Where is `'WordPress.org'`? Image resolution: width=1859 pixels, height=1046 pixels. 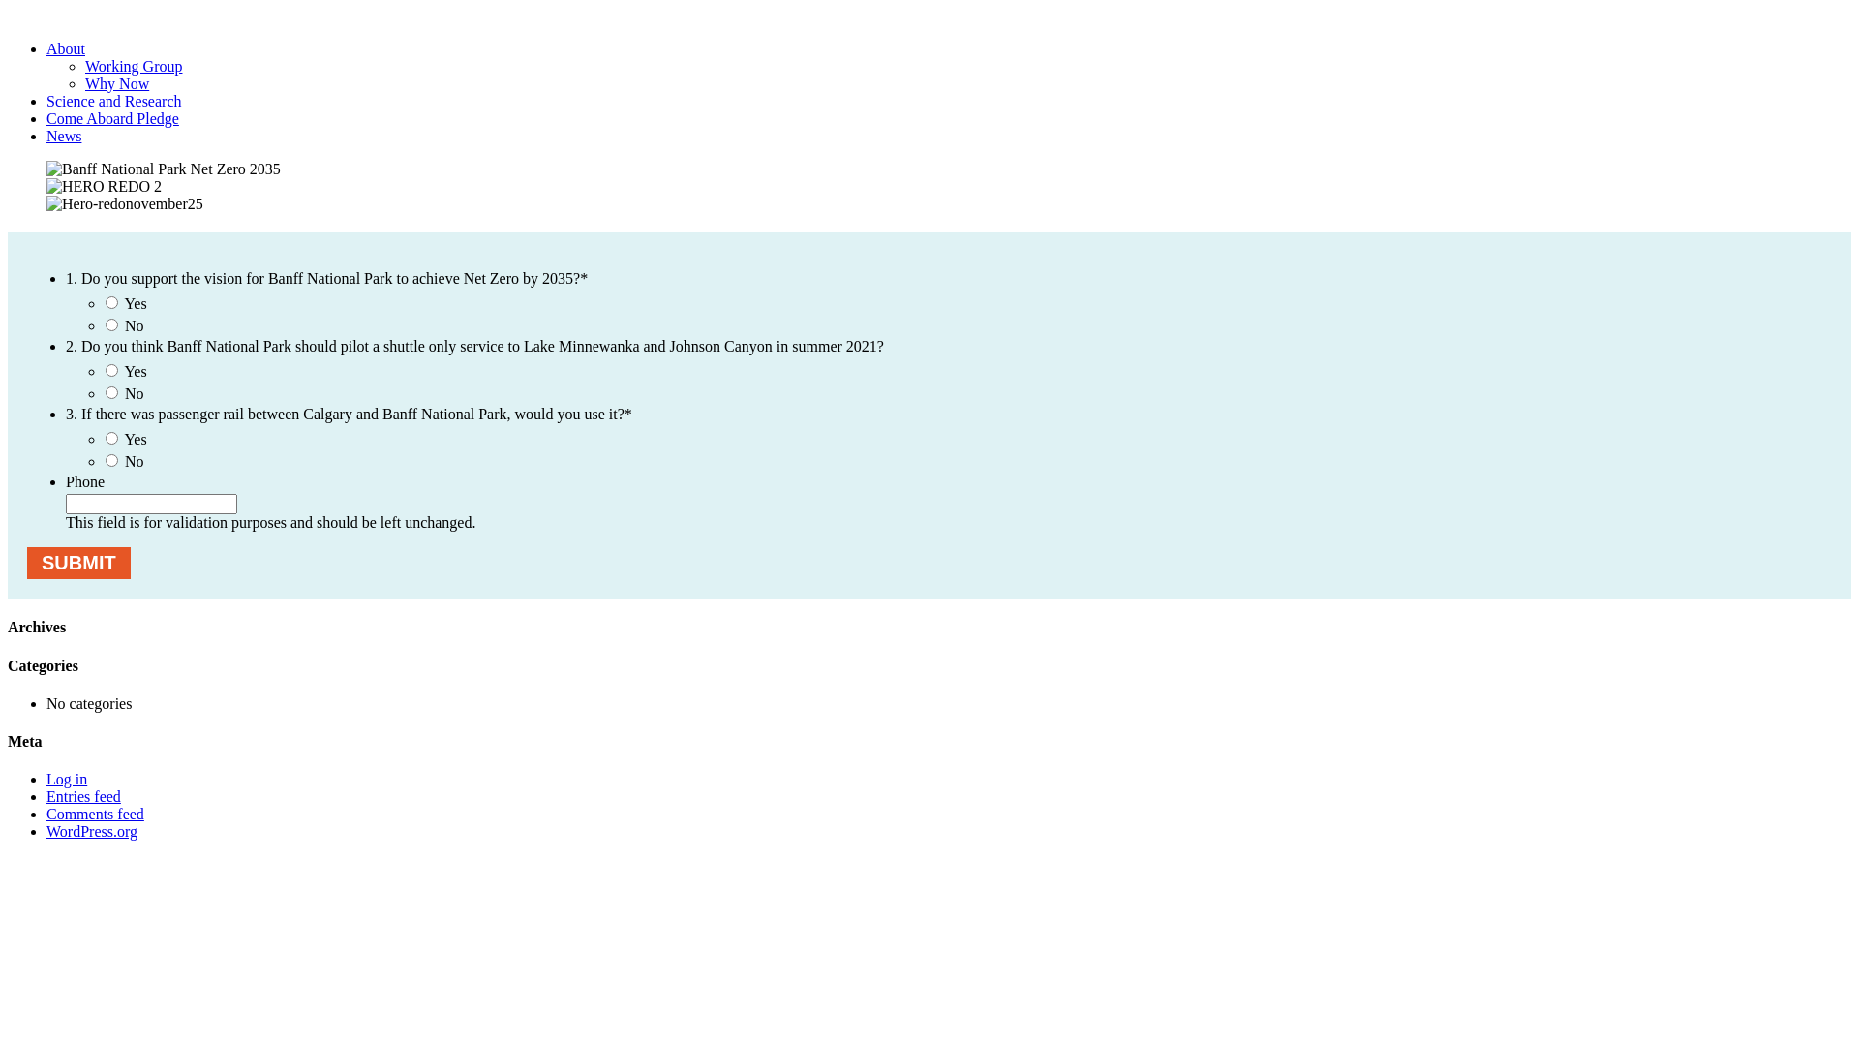 'WordPress.org' is located at coordinates (91, 830).